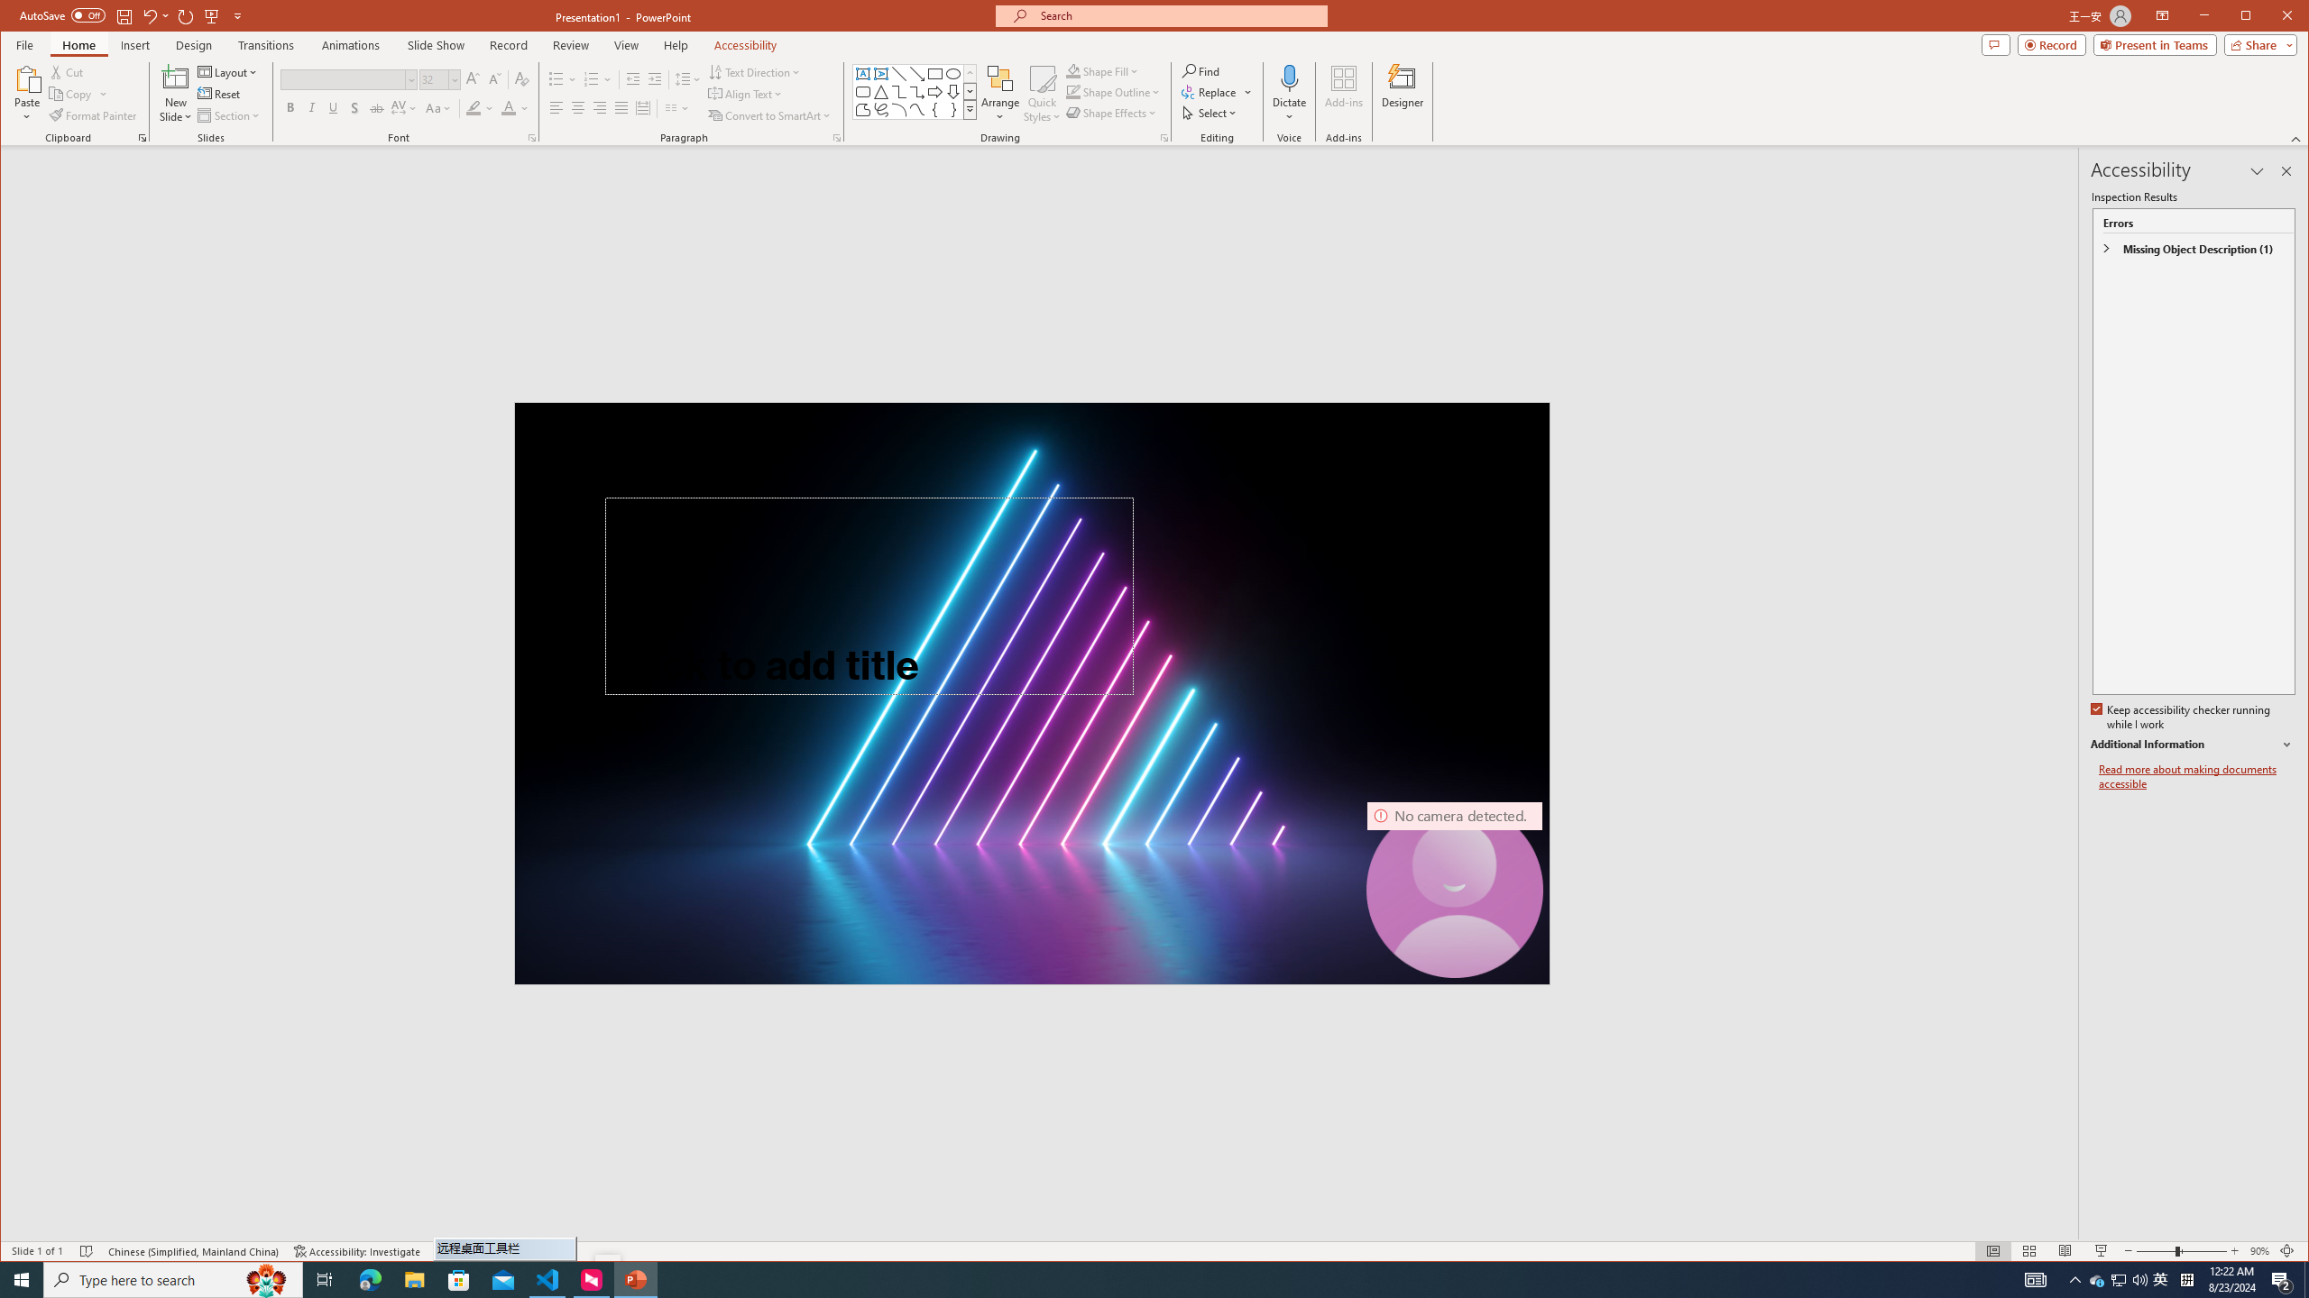 The image size is (2309, 1298). I want to click on 'AutomationID: ShapesInsertGallery', so click(915, 90).